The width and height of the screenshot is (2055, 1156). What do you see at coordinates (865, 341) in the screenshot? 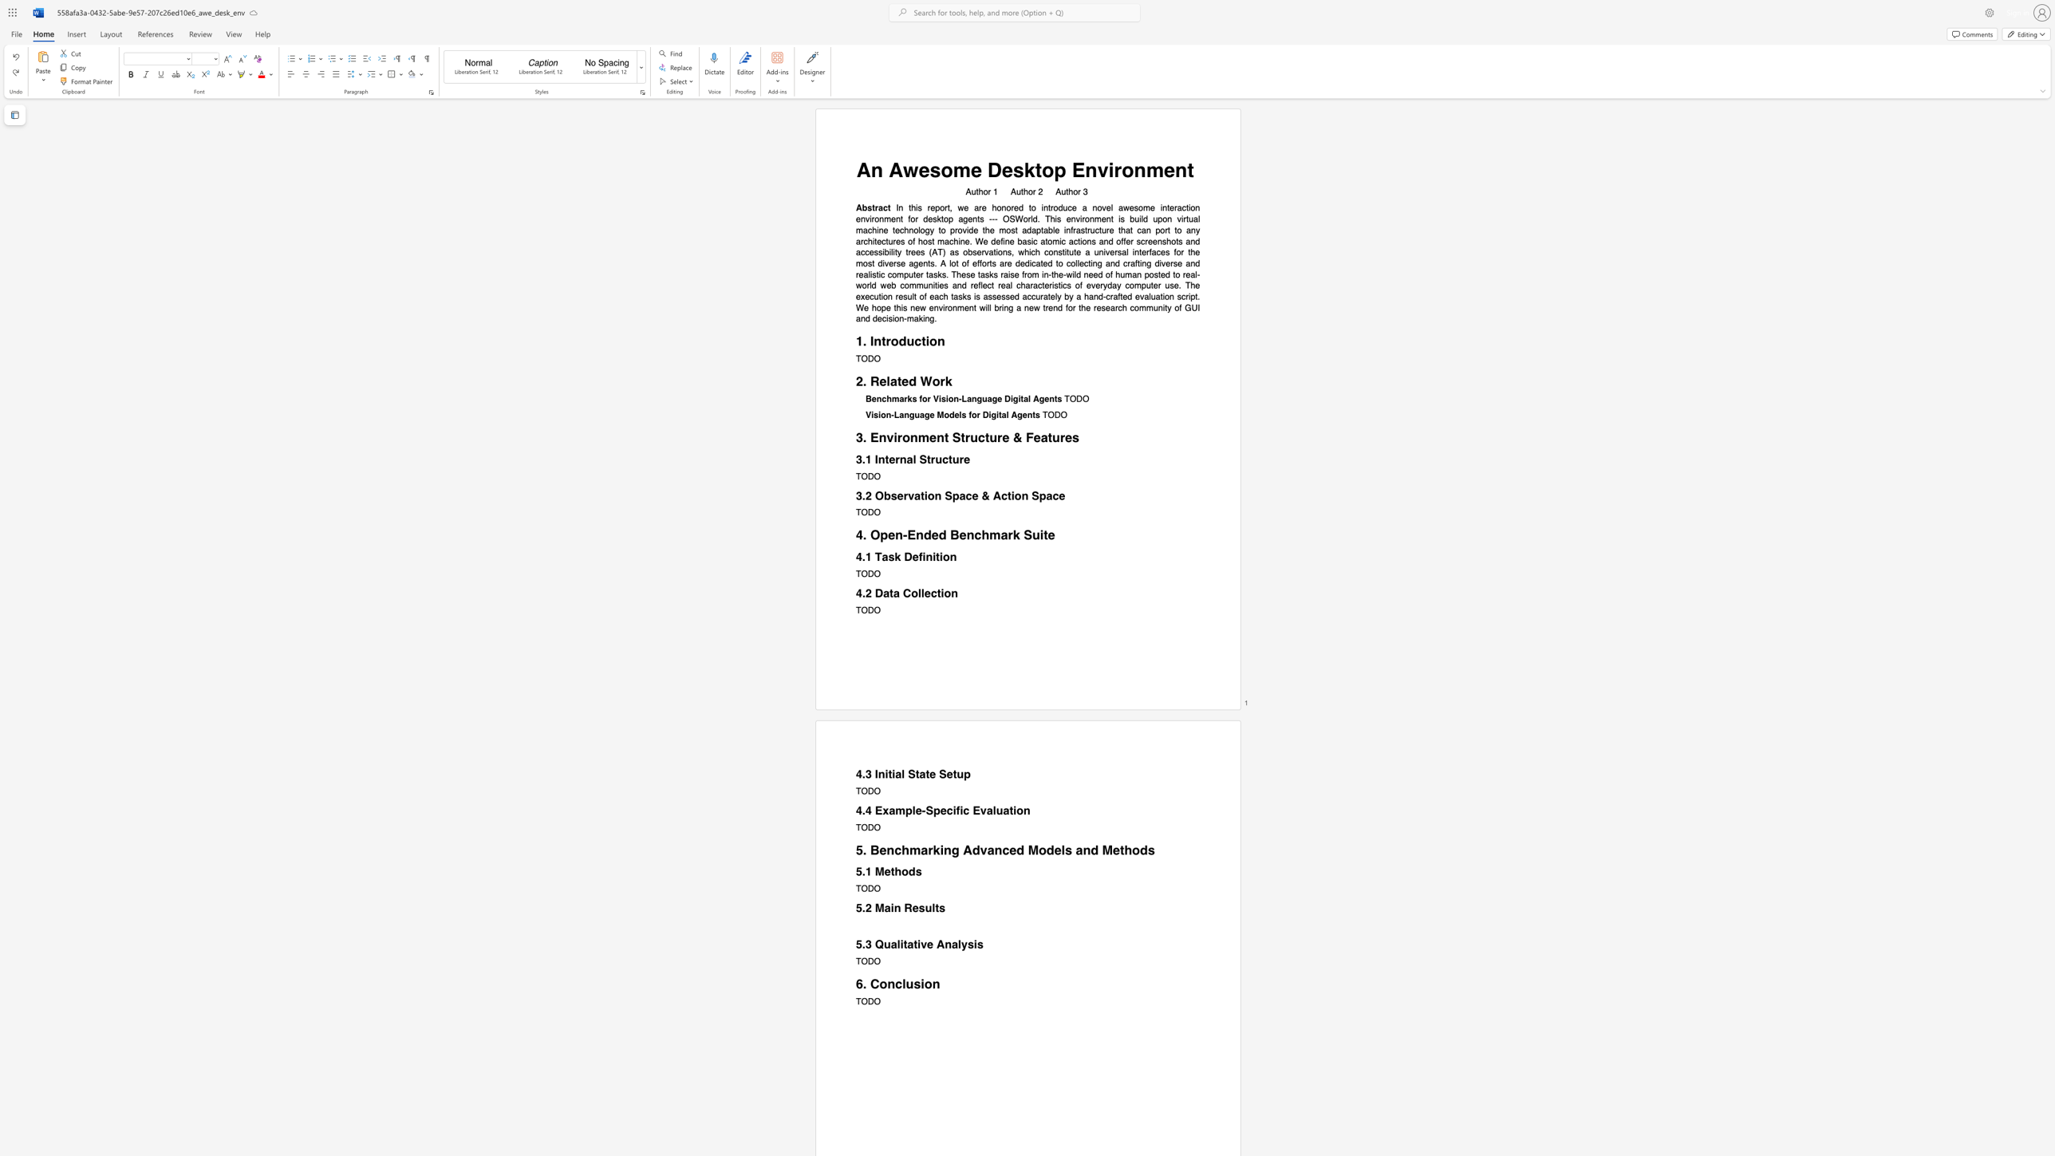
I see `the 1th character "." in the text` at bounding box center [865, 341].